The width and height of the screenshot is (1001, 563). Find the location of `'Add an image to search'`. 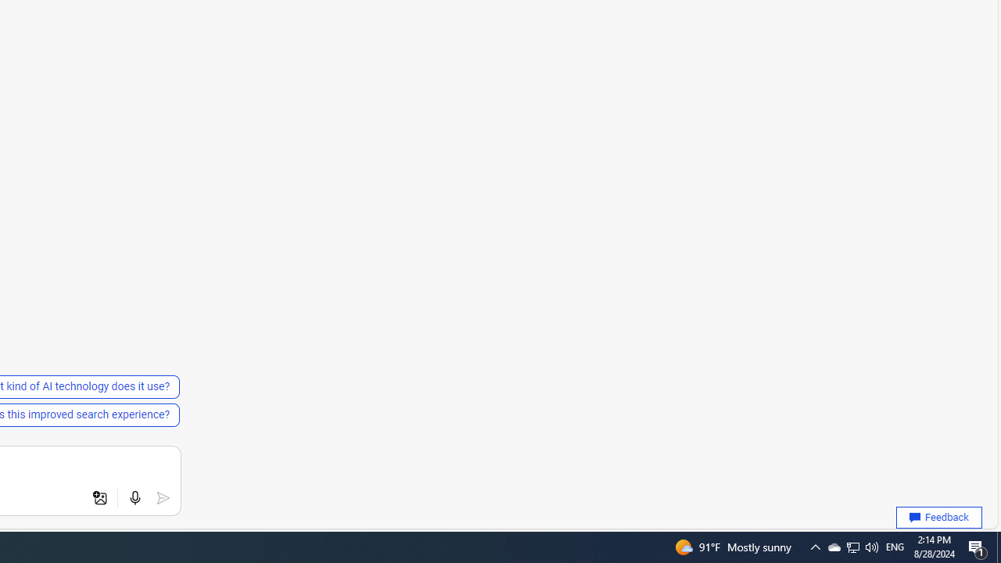

'Add an image to search' is located at coordinates (99, 498).